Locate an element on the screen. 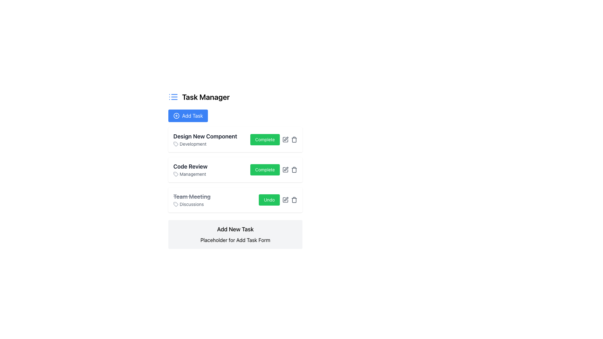 This screenshot has width=603, height=339. the 'Management' text label with an icon located under the 'Code Review' section in the task list is located at coordinates (190, 174).